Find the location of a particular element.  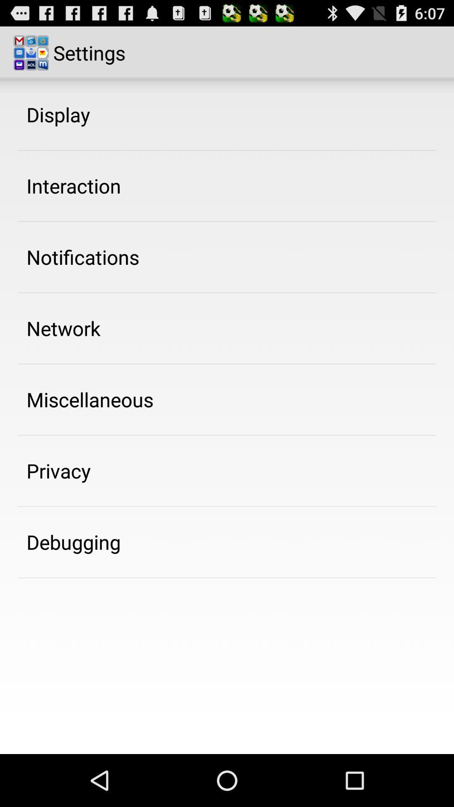

privacy is located at coordinates (58, 471).